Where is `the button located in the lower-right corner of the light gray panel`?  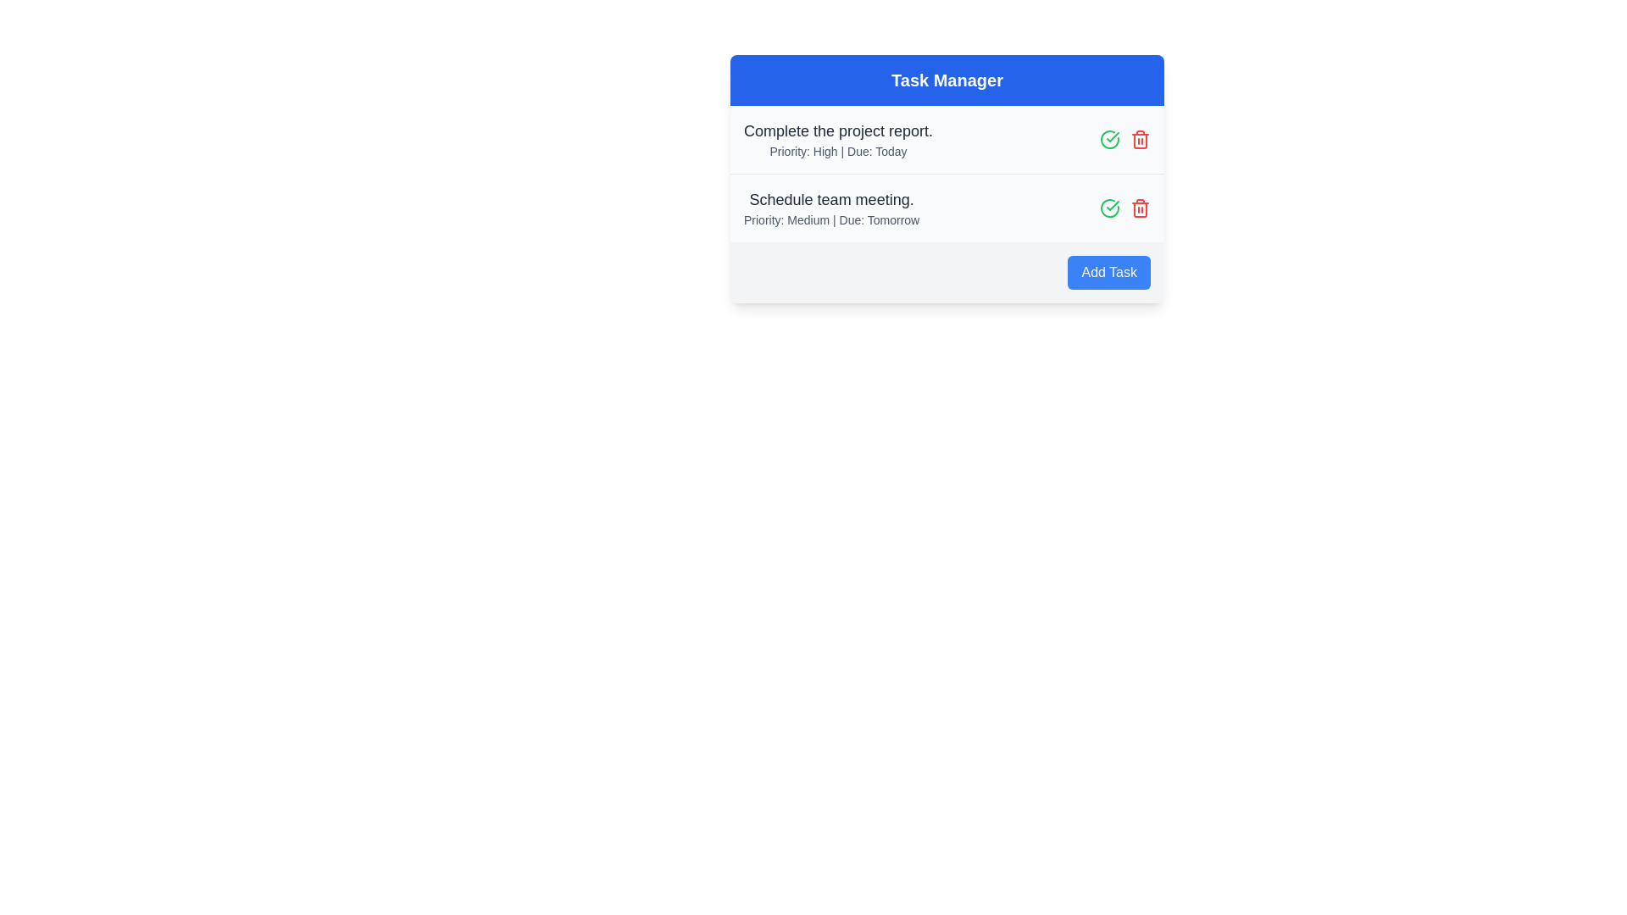 the button located in the lower-right corner of the light gray panel is located at coordinates (1109, 271).